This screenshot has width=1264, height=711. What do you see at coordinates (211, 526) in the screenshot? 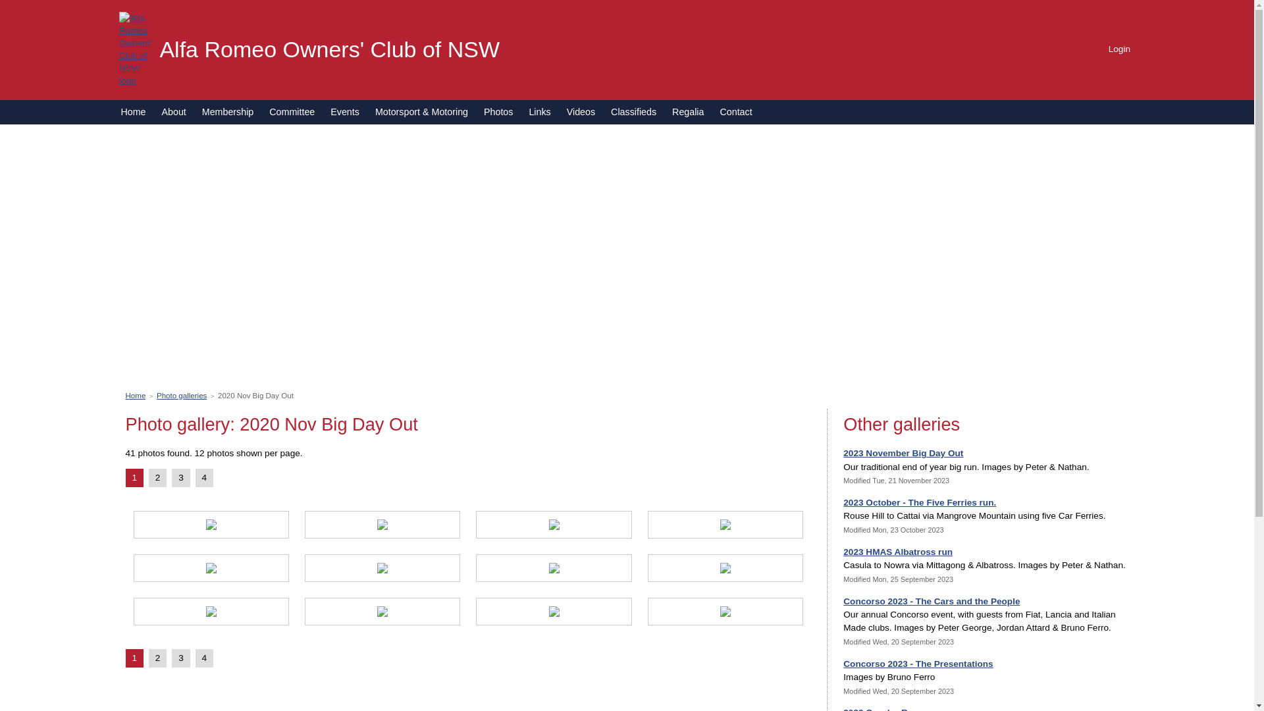
I see `'View photo 1'` at bounding box center [211, 526].